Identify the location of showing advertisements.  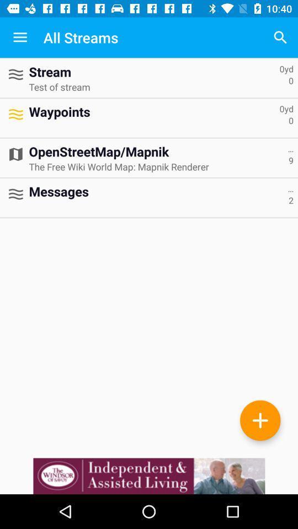
(149, 476).